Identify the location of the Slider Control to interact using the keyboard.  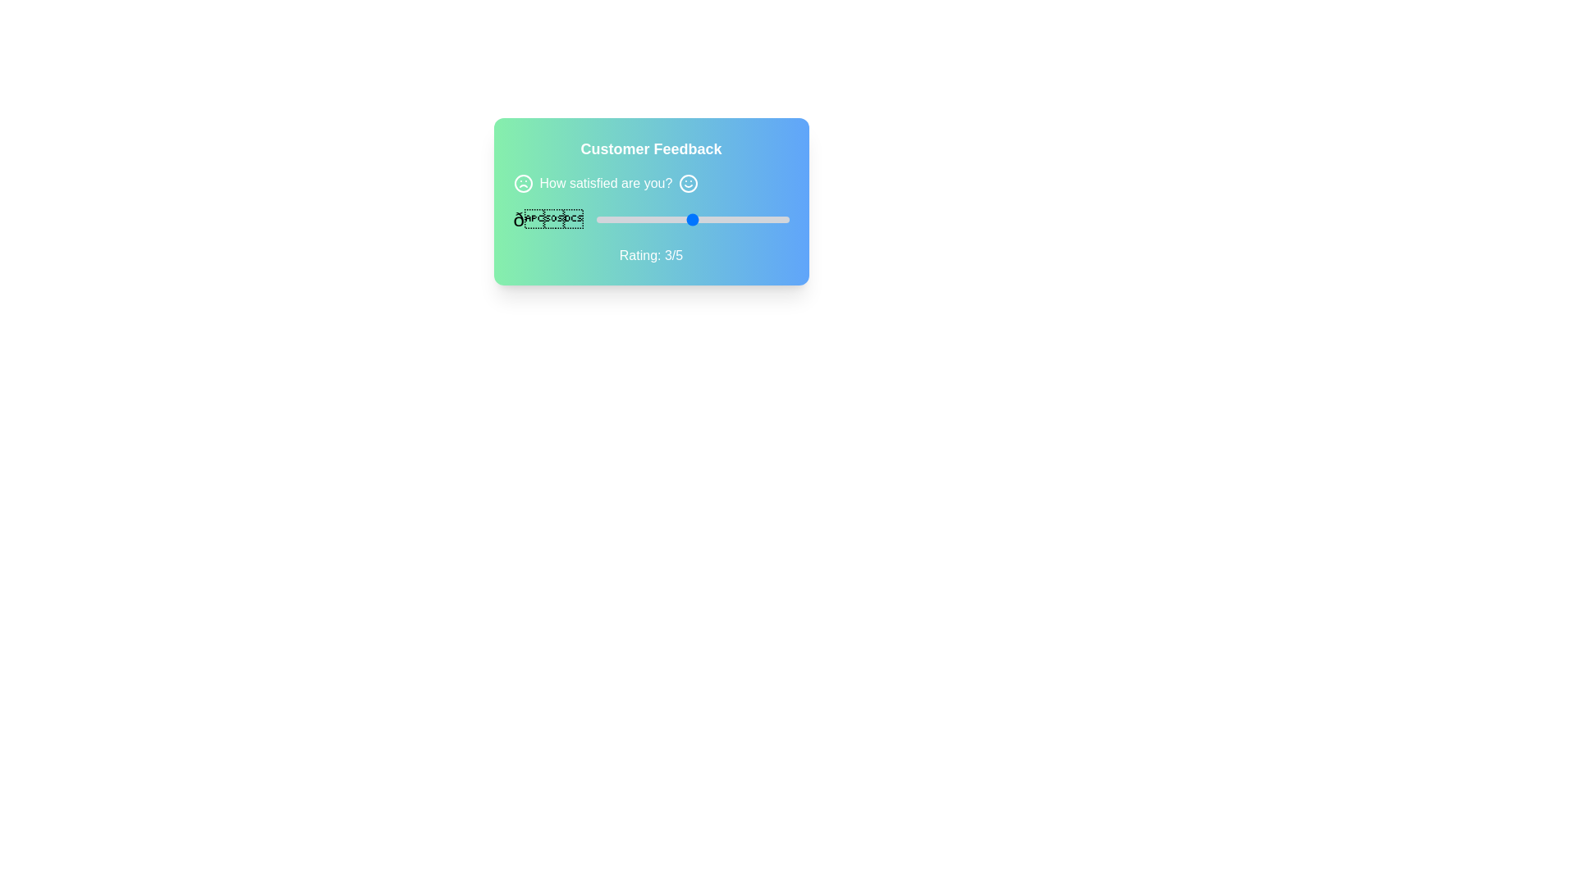
(693, 218).